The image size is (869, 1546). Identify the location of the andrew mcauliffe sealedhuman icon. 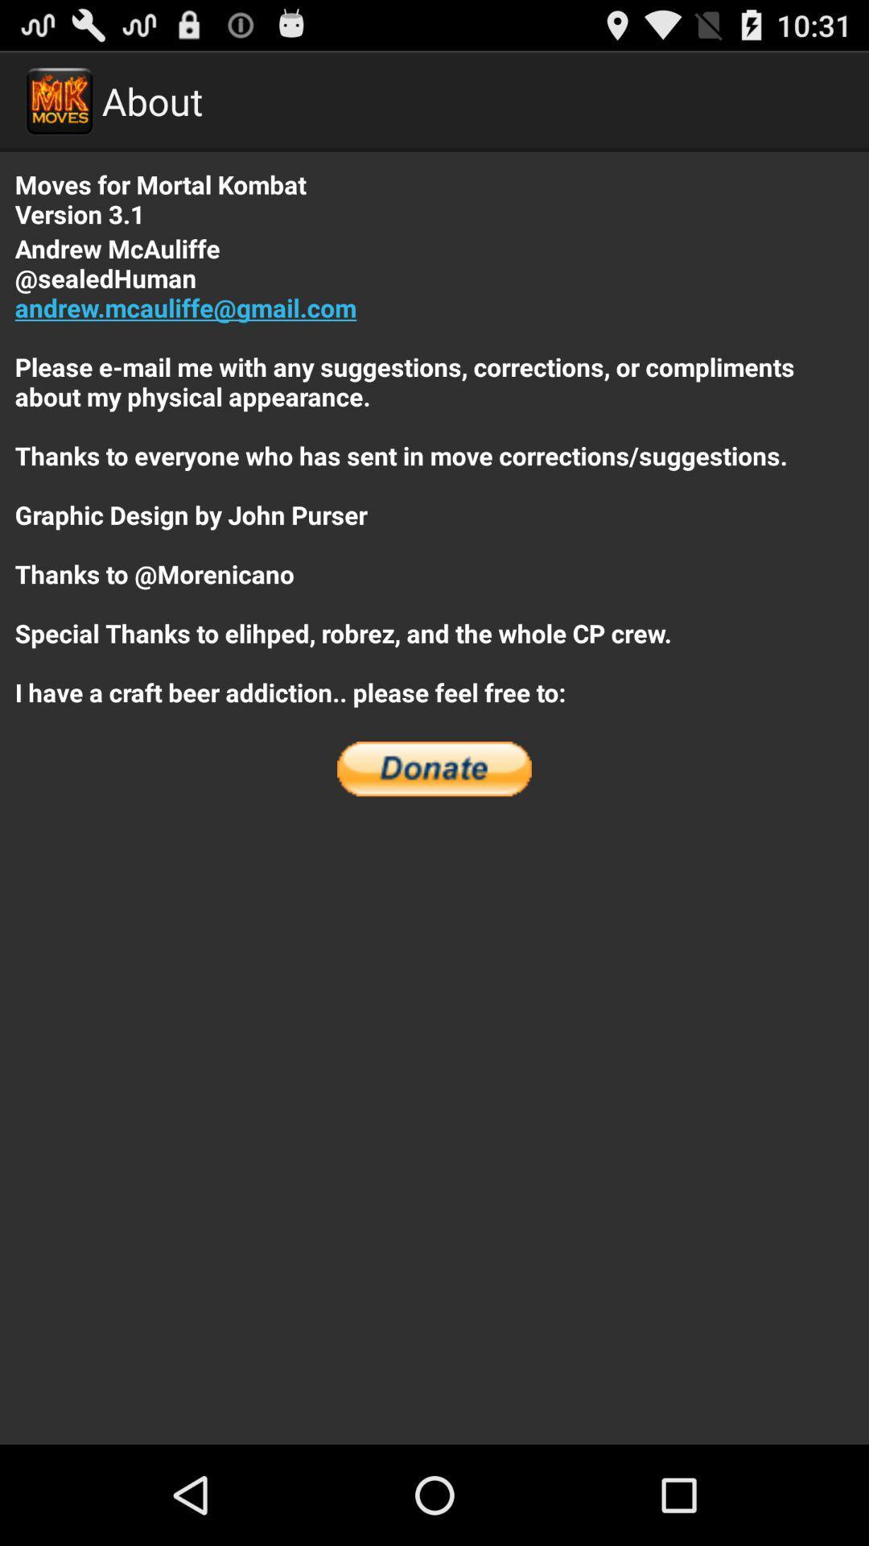
(434, 469).